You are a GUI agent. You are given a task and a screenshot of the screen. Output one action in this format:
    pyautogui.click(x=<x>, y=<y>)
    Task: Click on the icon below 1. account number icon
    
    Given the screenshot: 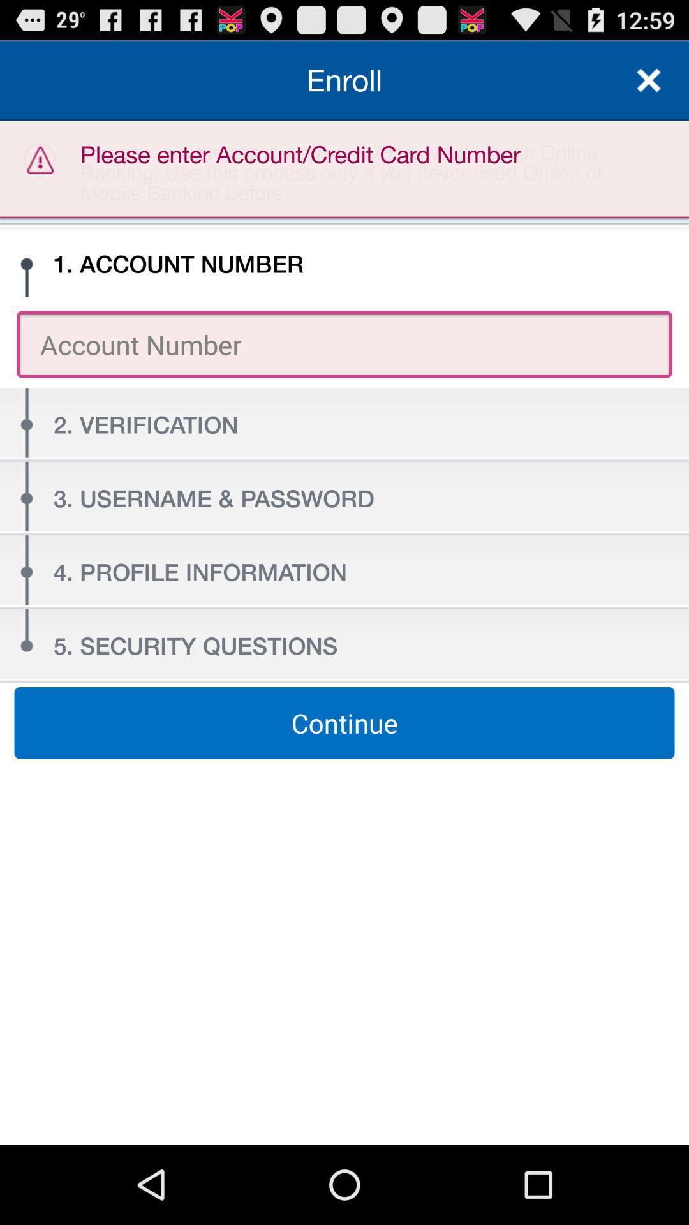 What is the action you would take?
    pyautogui.click(x=344, y=344)
    